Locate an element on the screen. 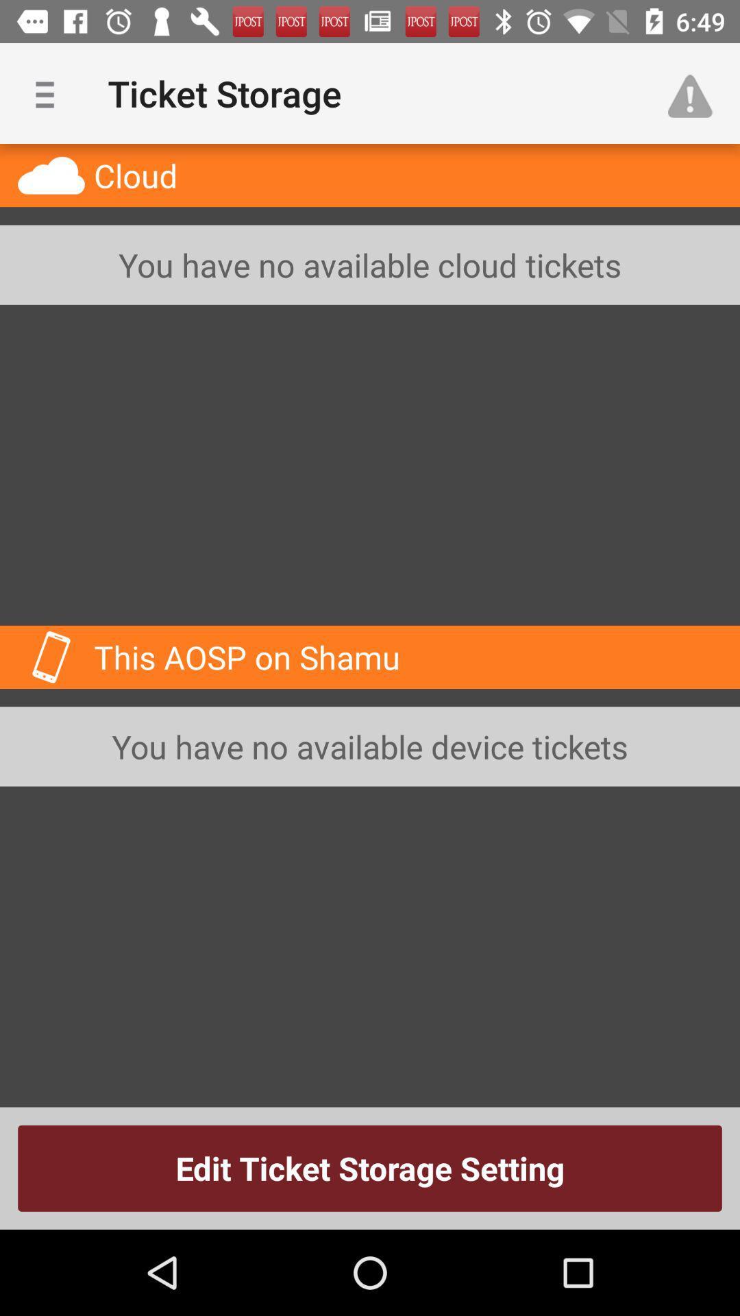 The height and width of the screenshot is (1316, 740). the item at the top right corner is located at coordinates (697, 93).